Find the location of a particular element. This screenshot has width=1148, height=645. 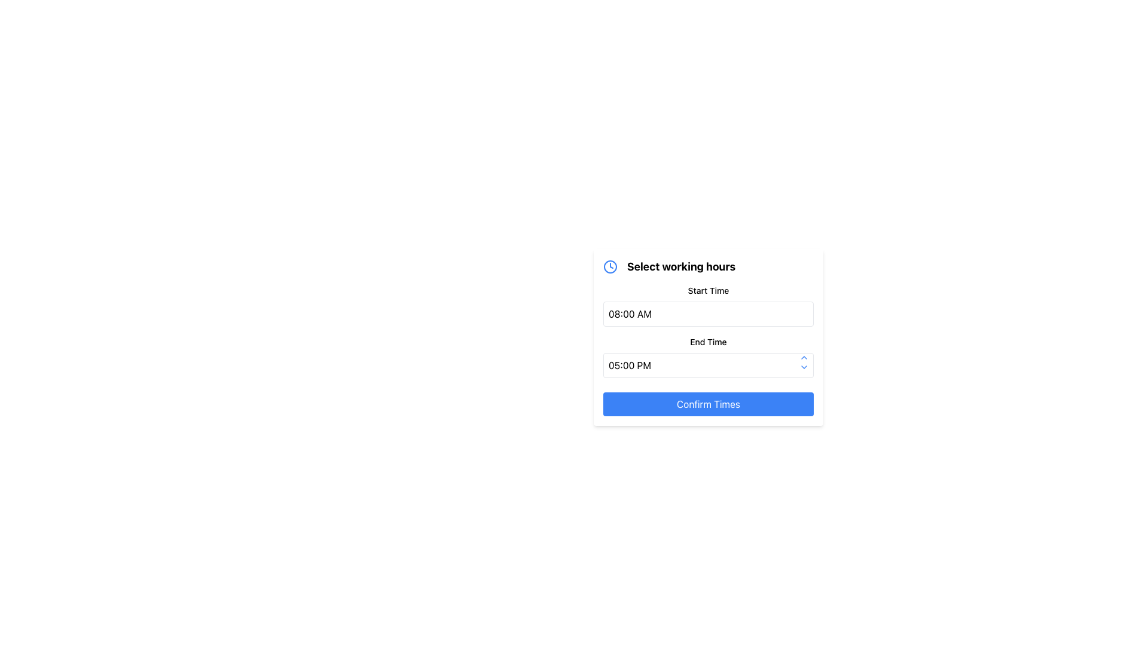

the second labeled input field for specifying the ending time within the 'Select working hours' card to focus the field for editing is located at coordinates (709, 356).